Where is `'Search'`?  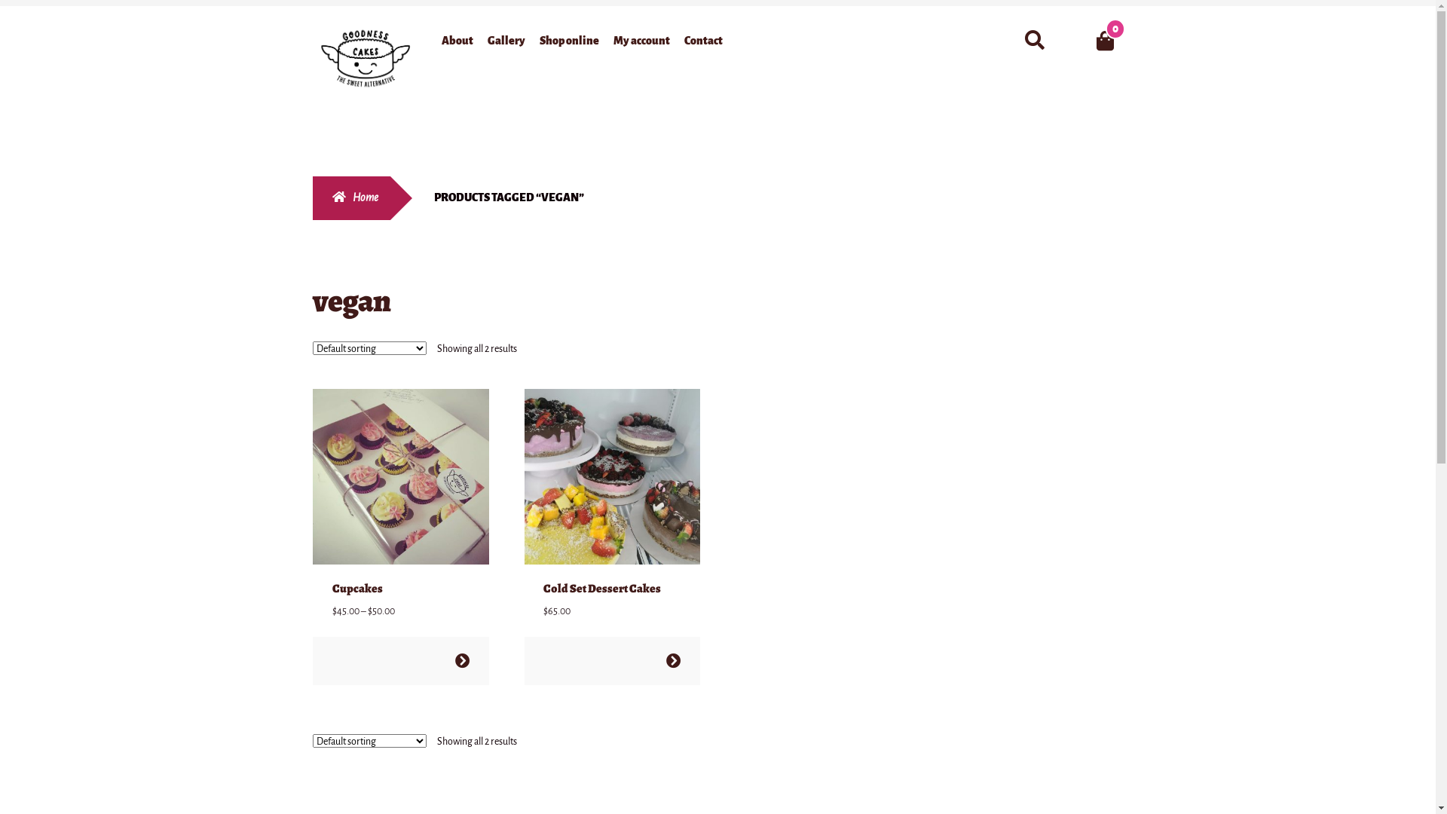
'Search' is located at coordinates (1016, 24).